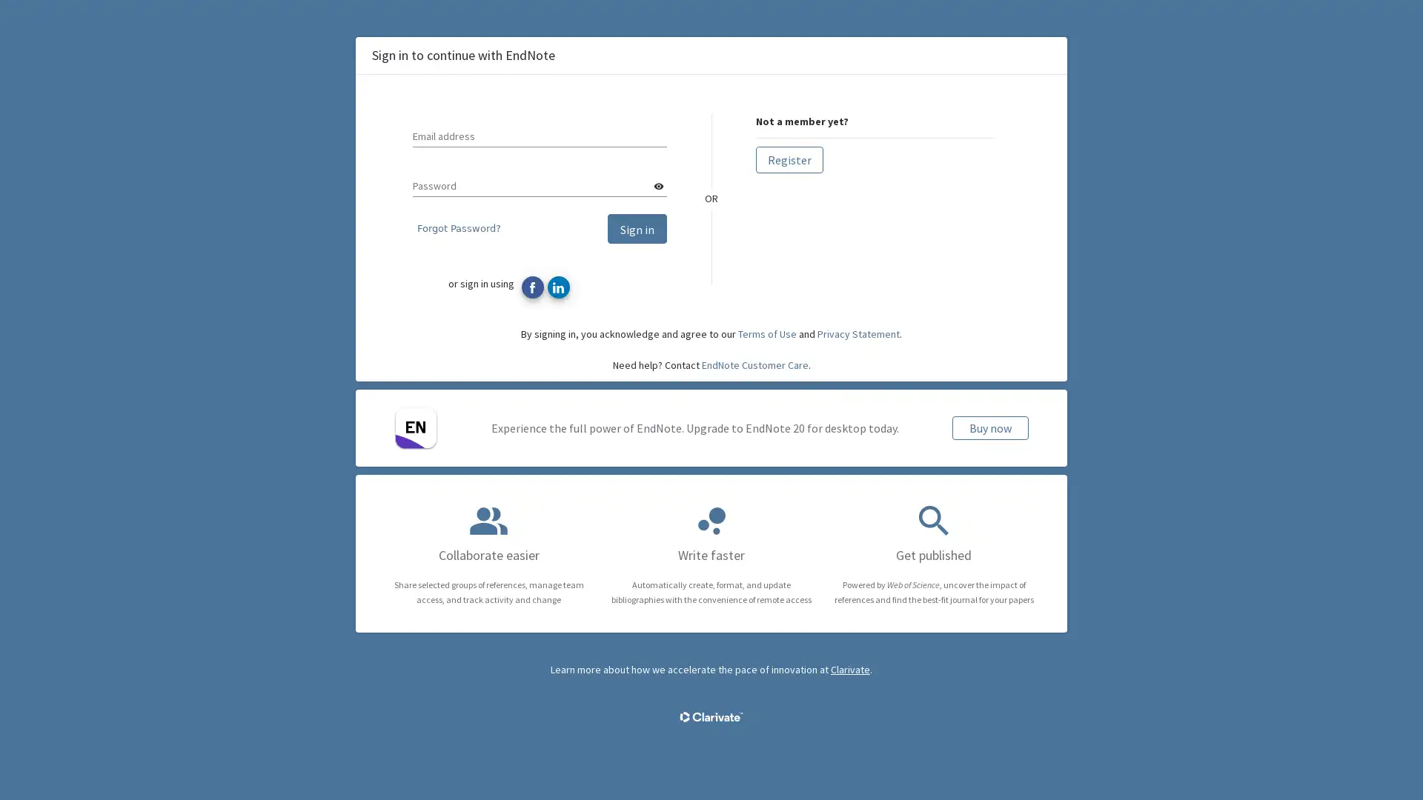  I want to click on Forgot Password?, so click(457, 228).